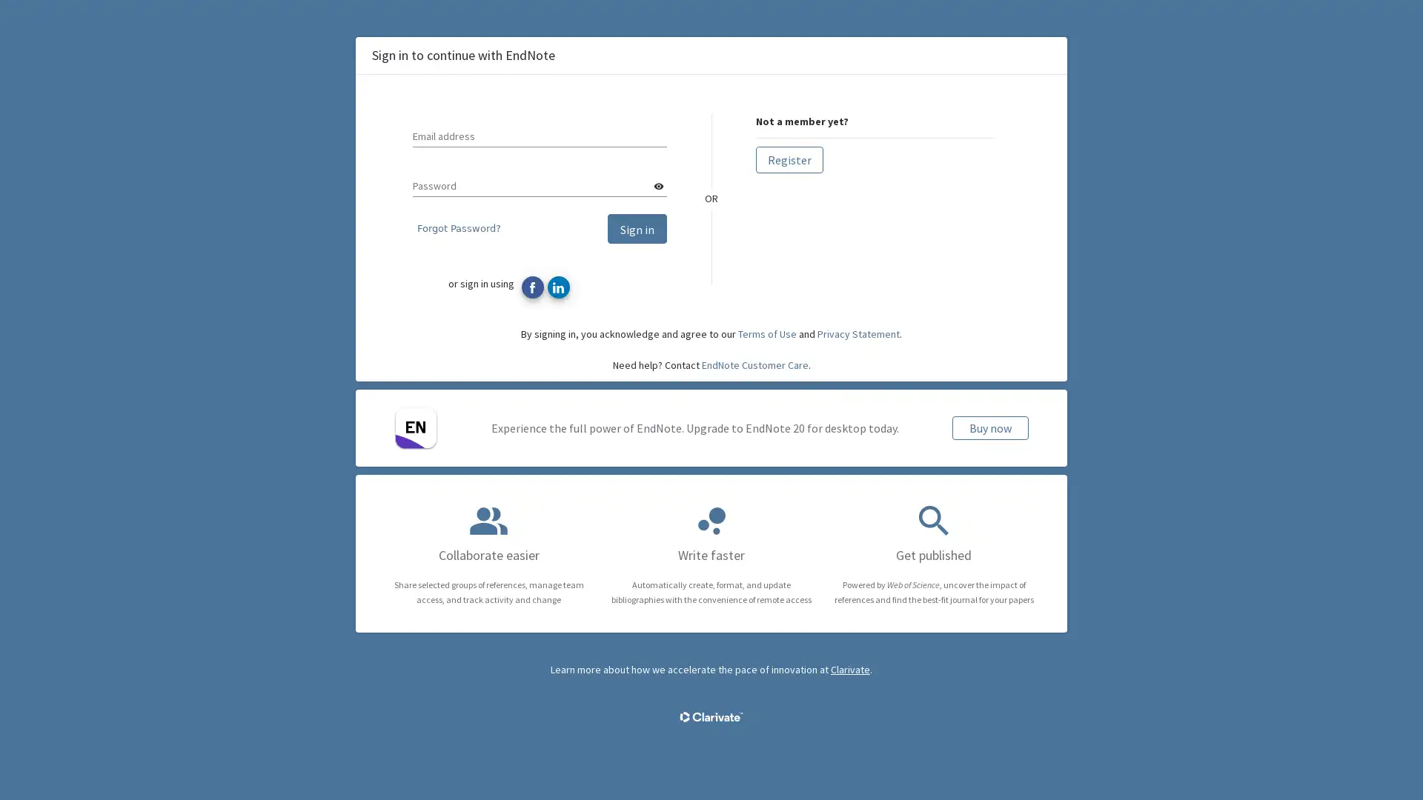  I want to click on Forgot Password?, so click(457, 228).